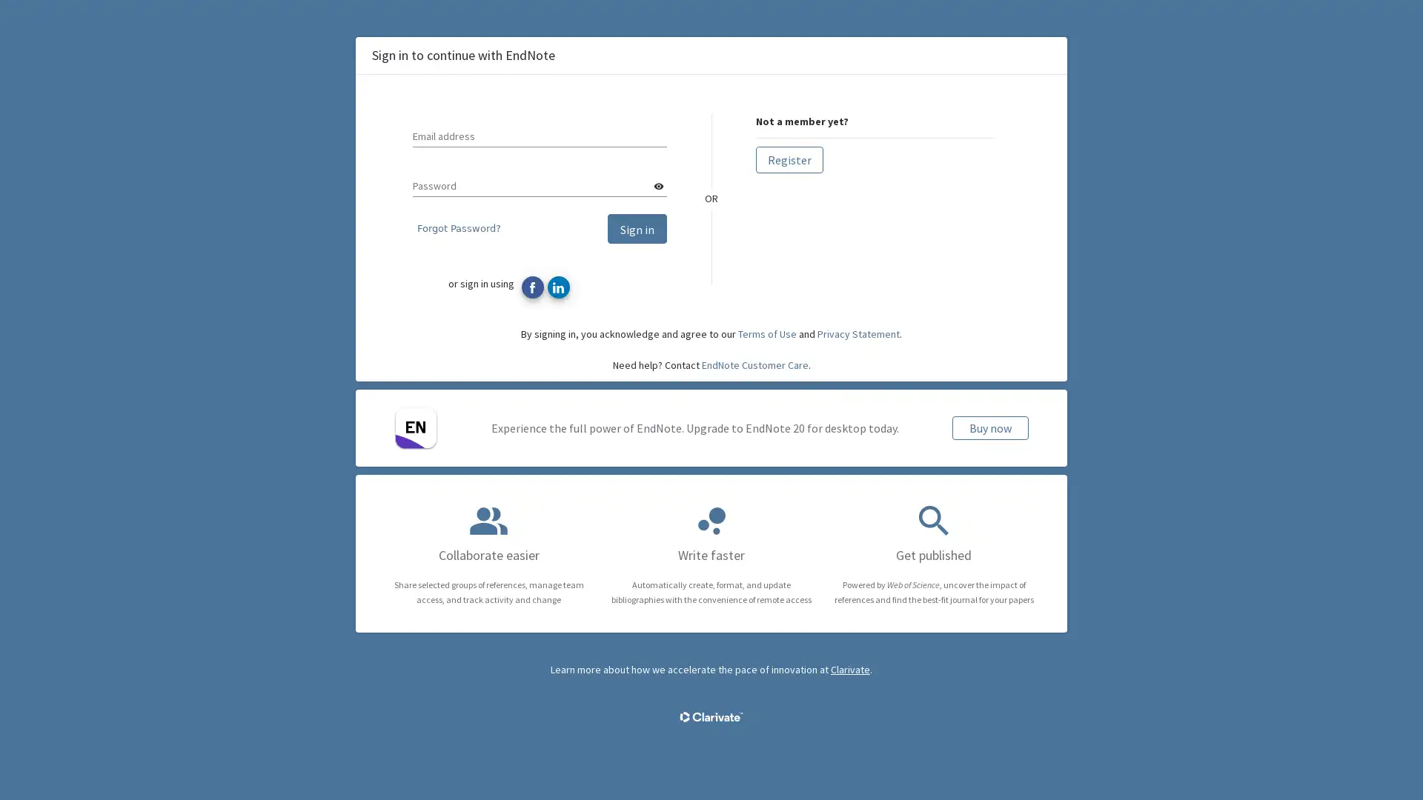  I want to click on Forgot Password?, so click(457, 228).